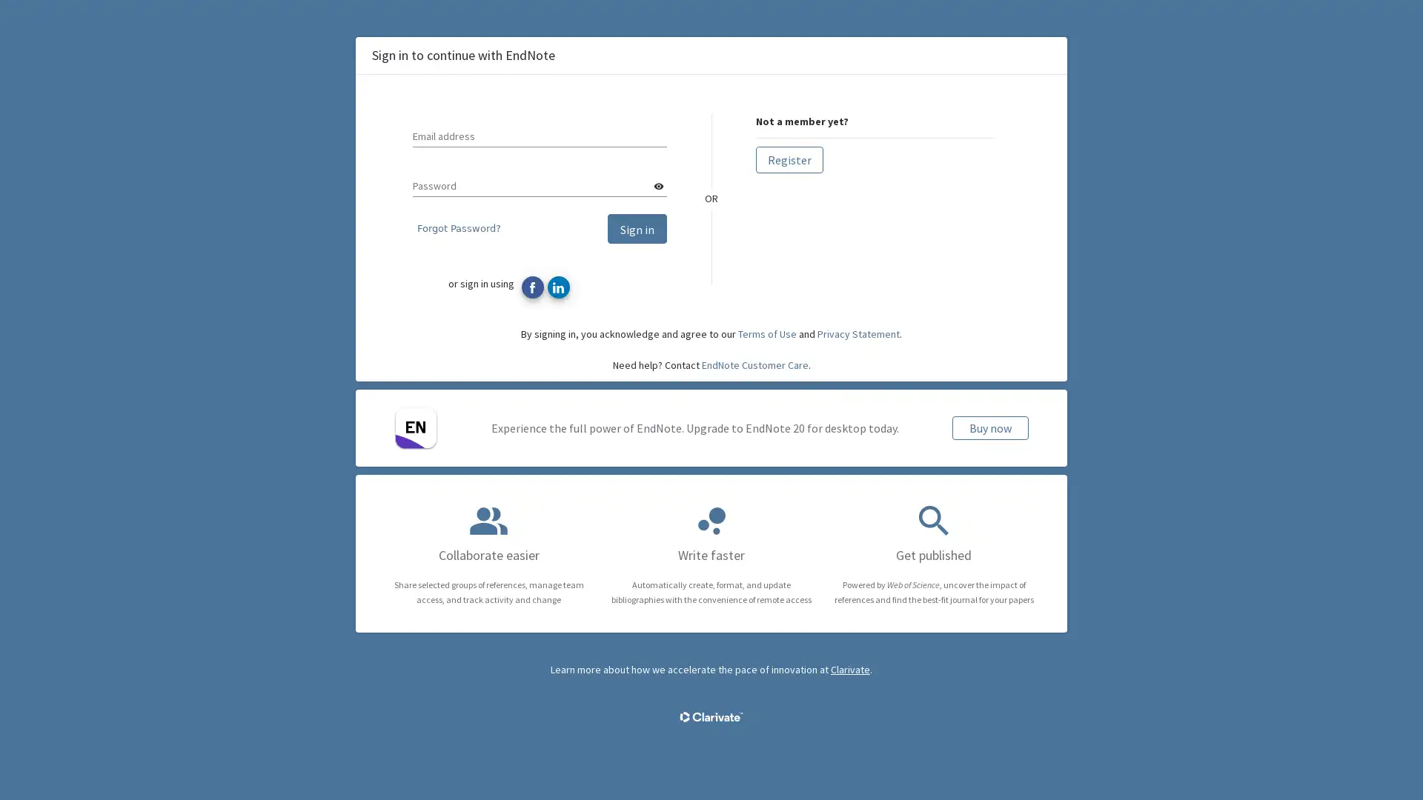  I want to click on Forgot Password?, so click(457, 228).